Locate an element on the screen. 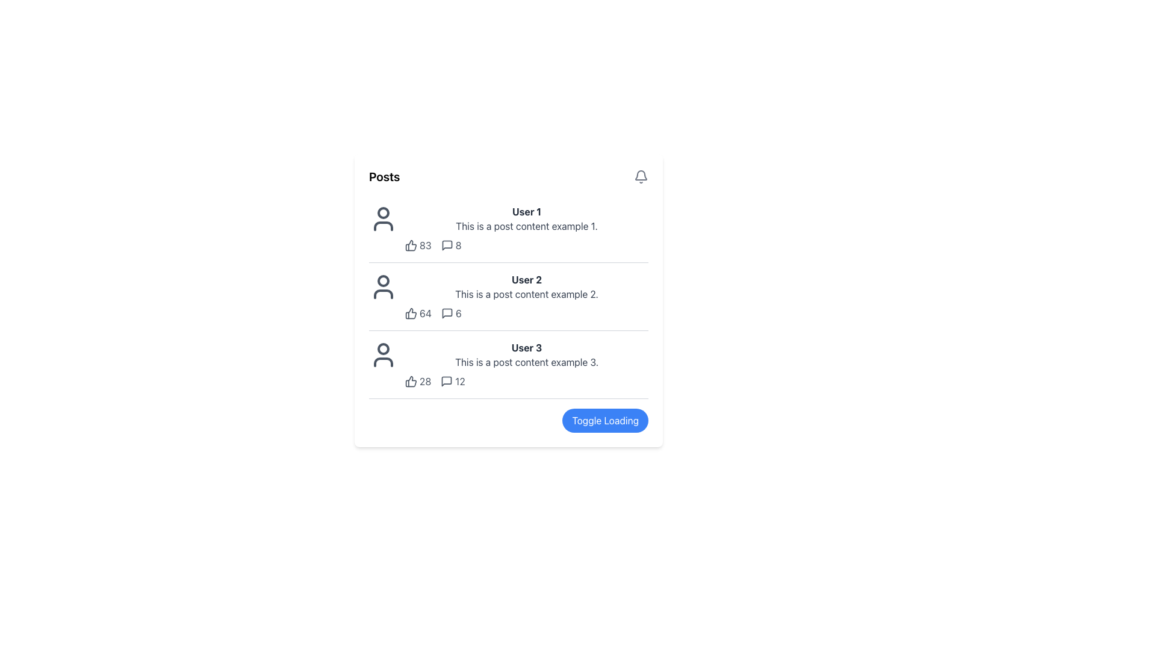 This screenshot has width=1156, height=650. author's name displayed in the text label located at the top of the third post entry in the right section of the interface is located at coordinates (526, 348).